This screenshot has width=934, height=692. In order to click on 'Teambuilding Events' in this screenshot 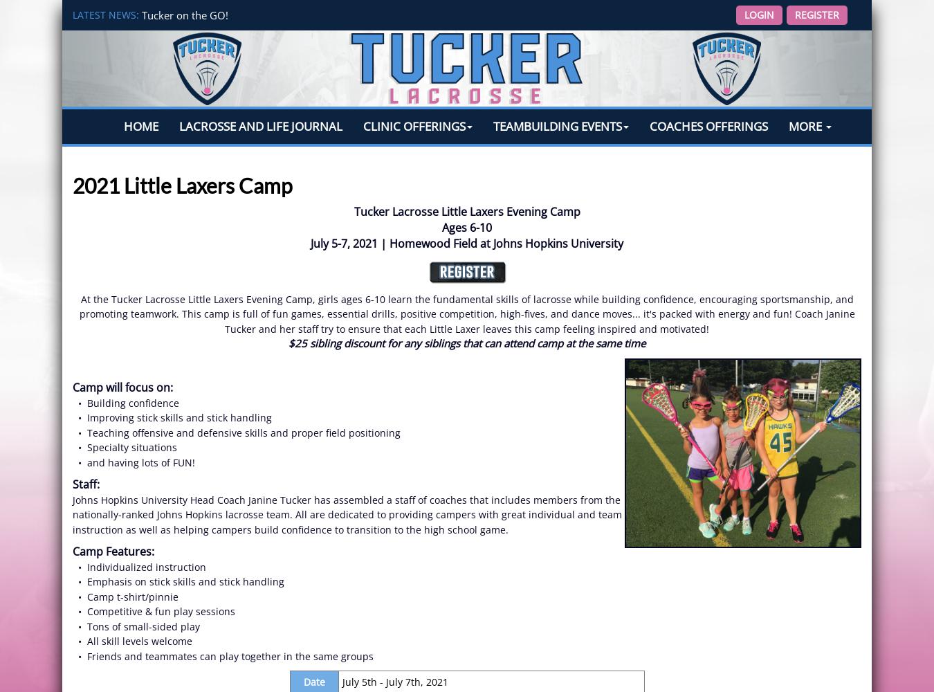, I will do `click(557, 126)`.